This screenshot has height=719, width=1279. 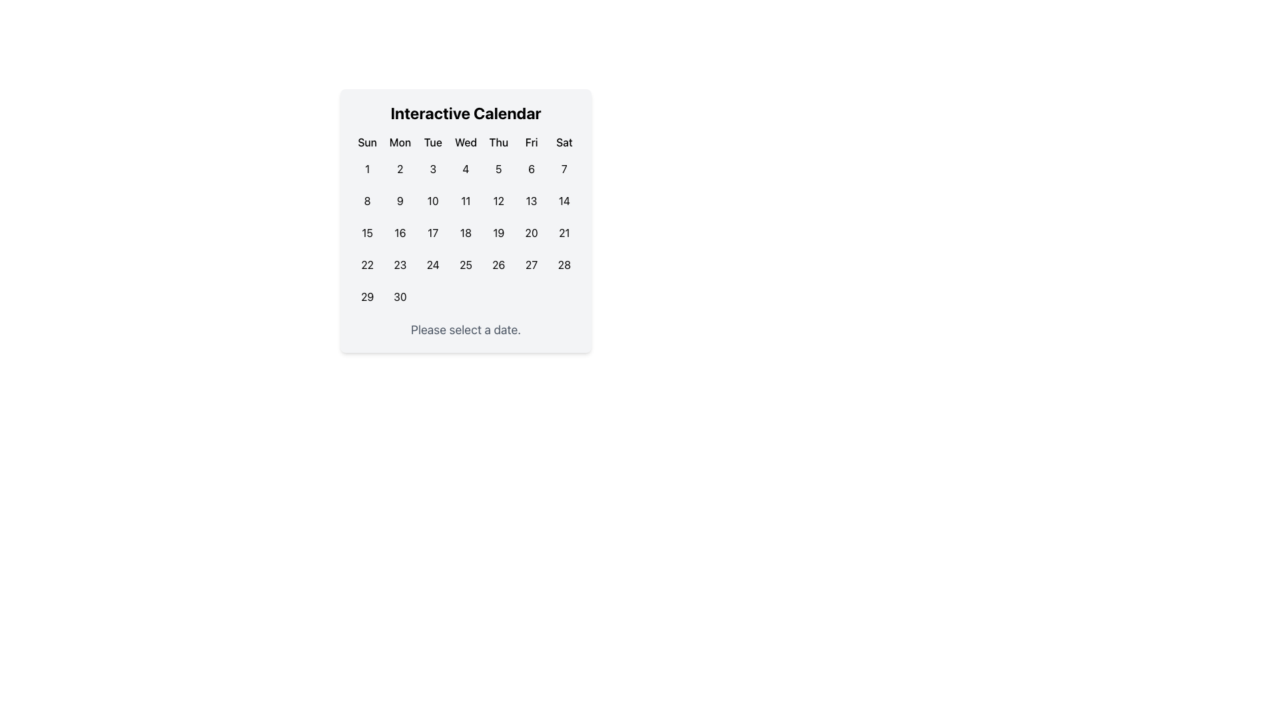 I want to click on the clickable calendar day cell displaying the number '8', so click(x=367, y=200).